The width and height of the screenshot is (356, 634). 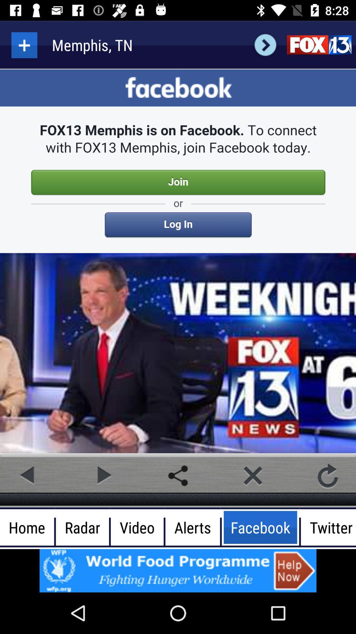 What do you see at coordinates (24, 45) in the screenshot?
I see `more options` at bounding box center [24, 45].